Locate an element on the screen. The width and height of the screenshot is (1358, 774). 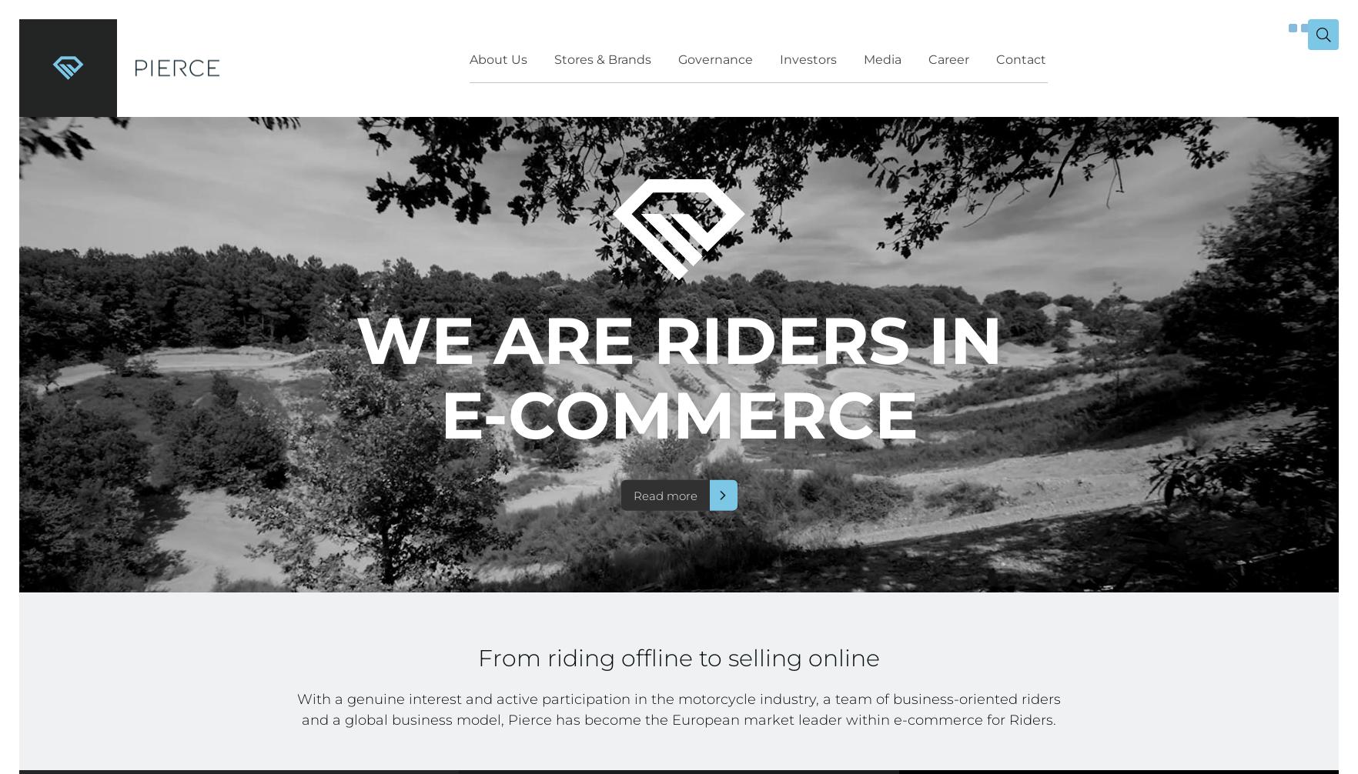
'Risks & Risk Management' is located at coordinates (441, 220).